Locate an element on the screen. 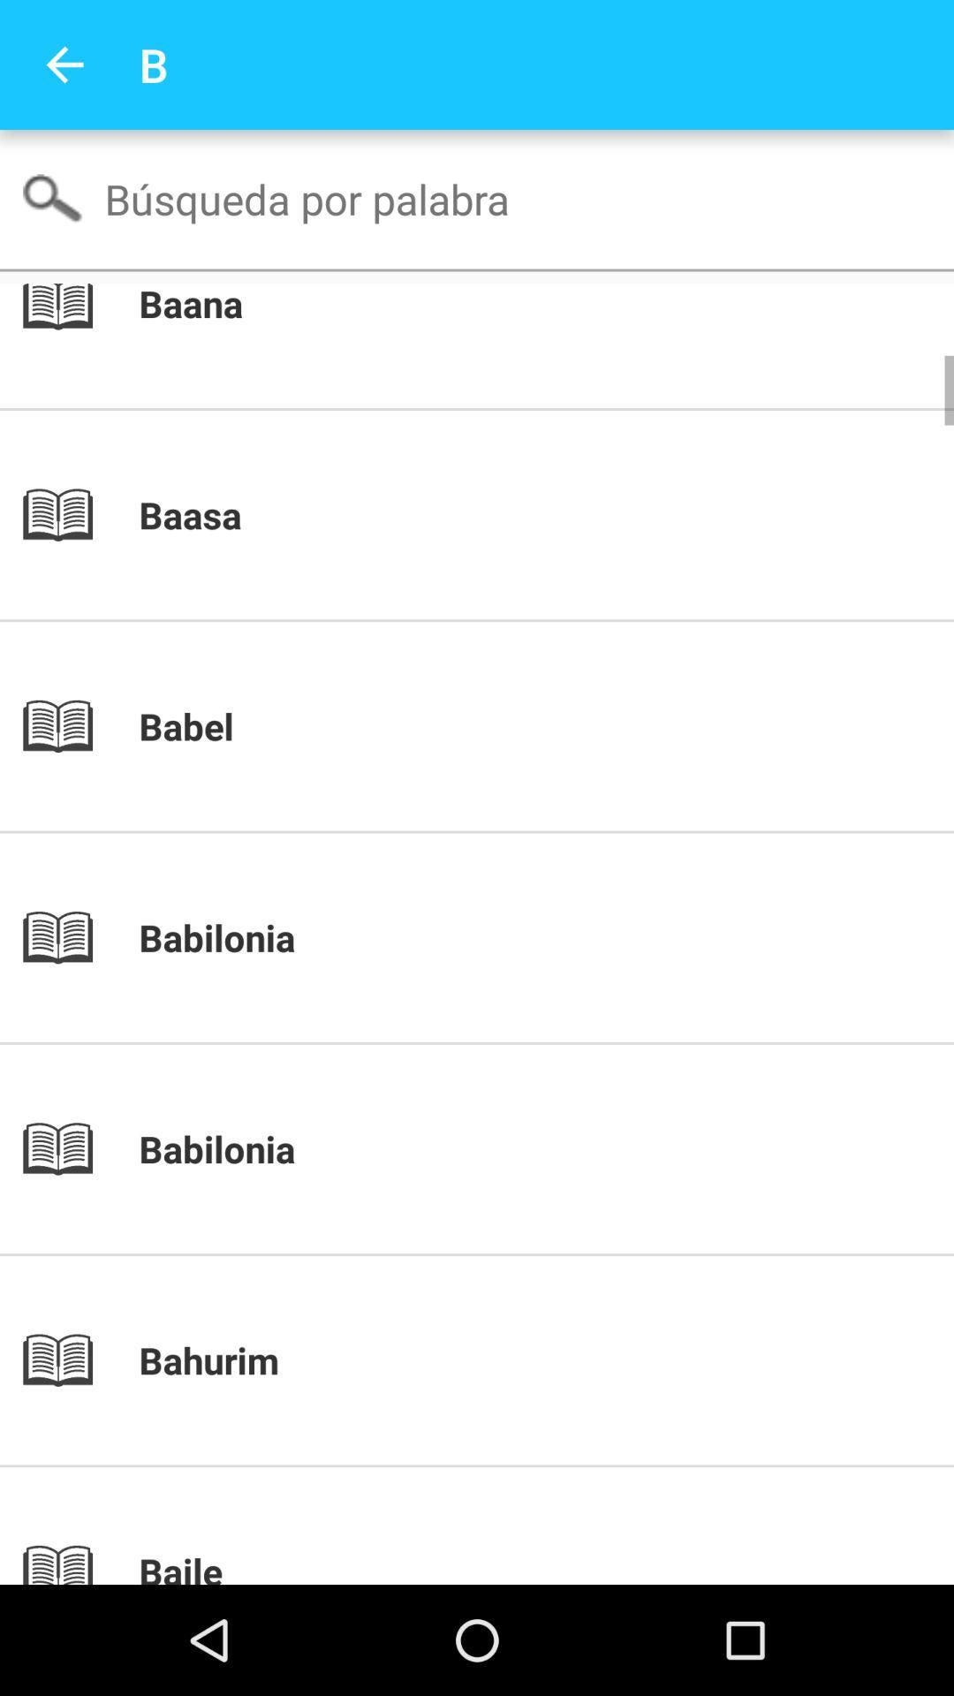 The height and width of the screenshot is (1696, 954). bahurim icon is located at coordinates (507, 1359).